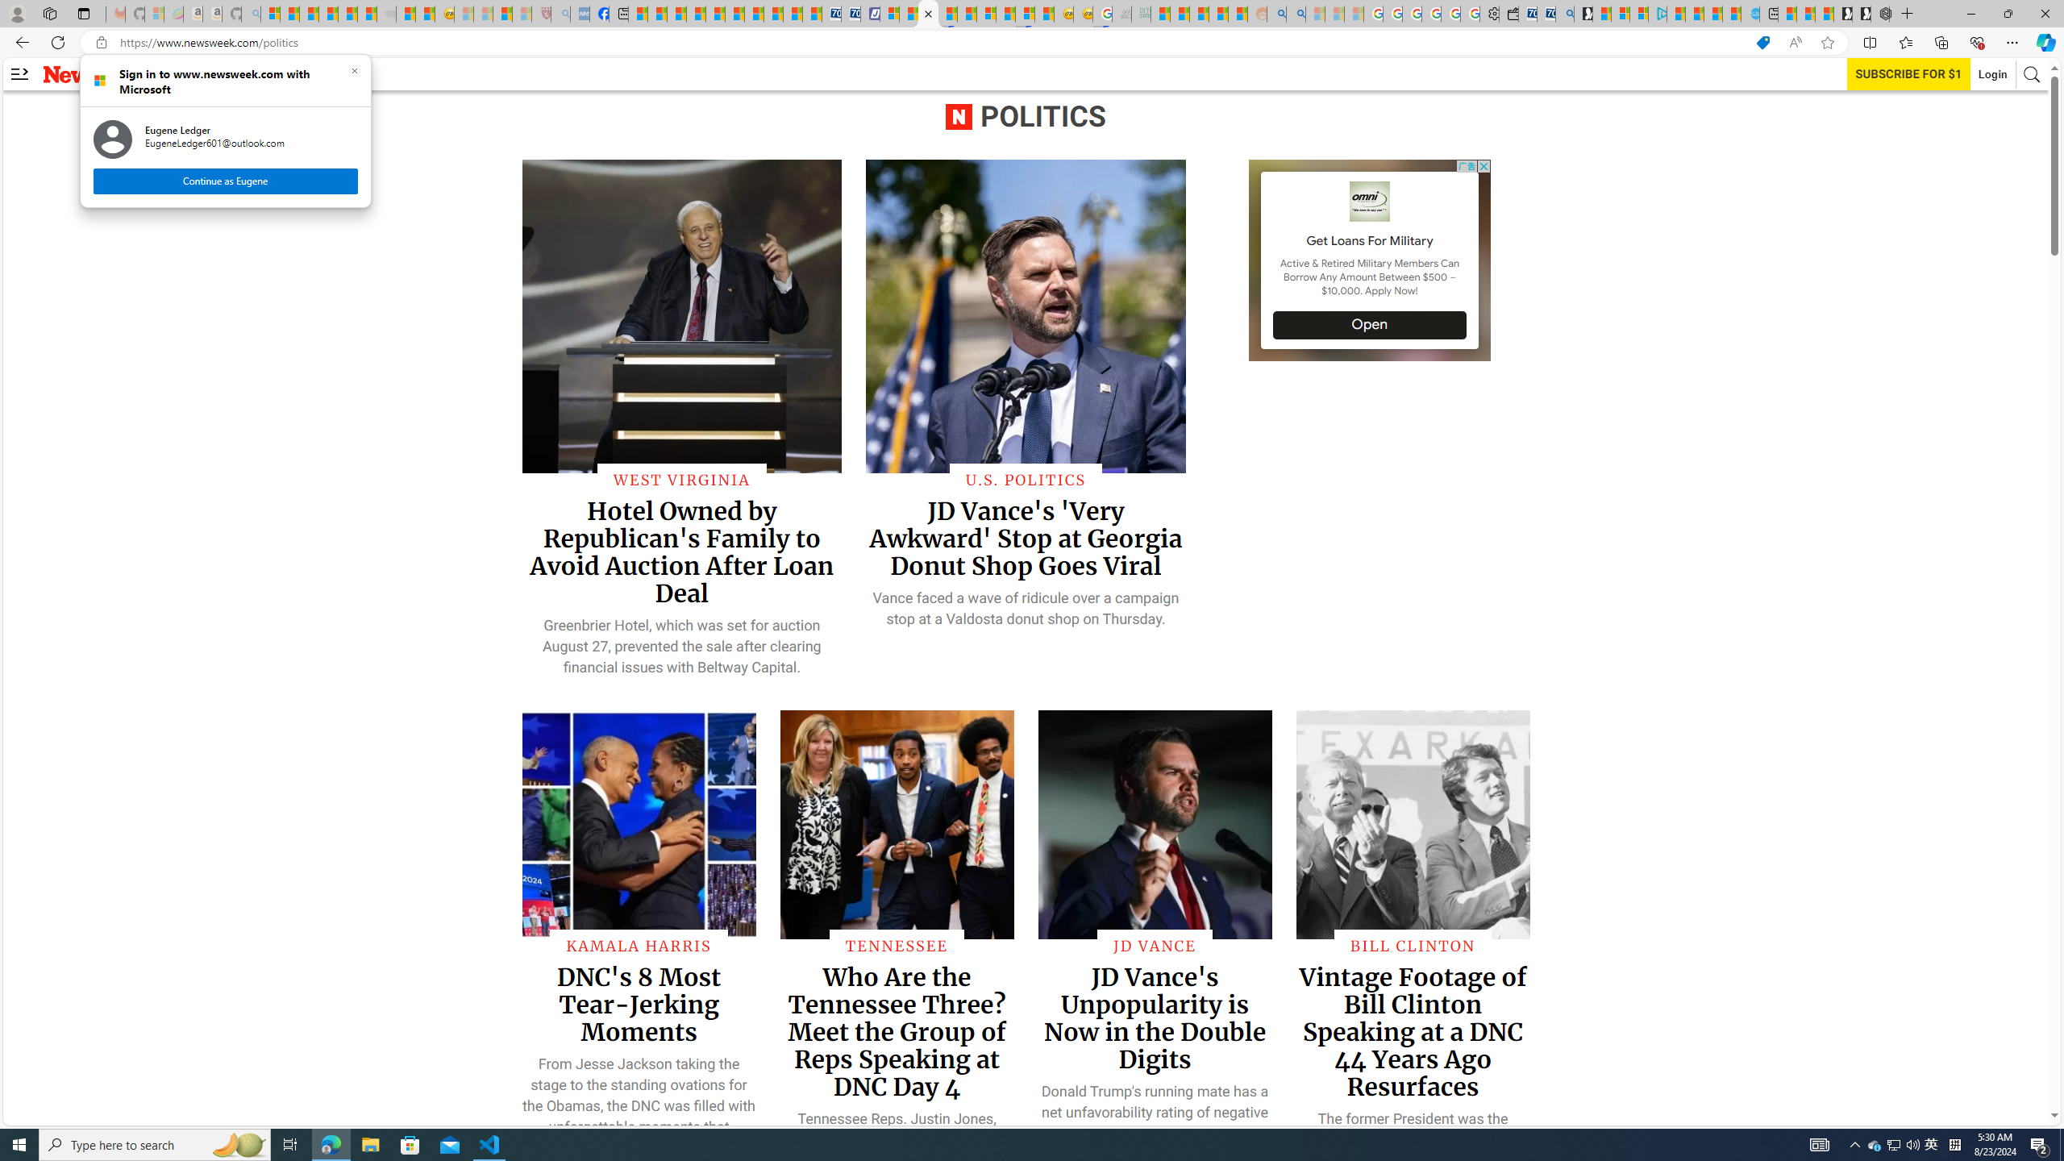  Describe the element at coordinates (1508, 13) in the screenshot. I see `'Wallet'` at that location.